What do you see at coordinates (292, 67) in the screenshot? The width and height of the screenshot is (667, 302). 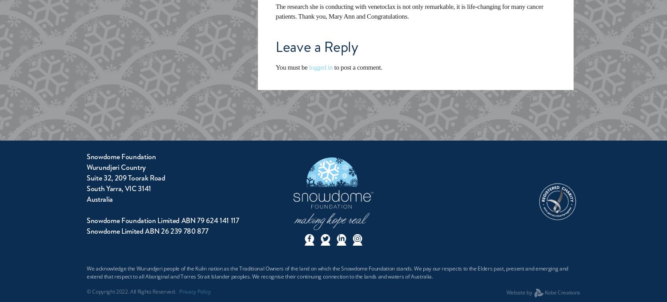 I see `'You must be'` at bounding box center [292, 67].